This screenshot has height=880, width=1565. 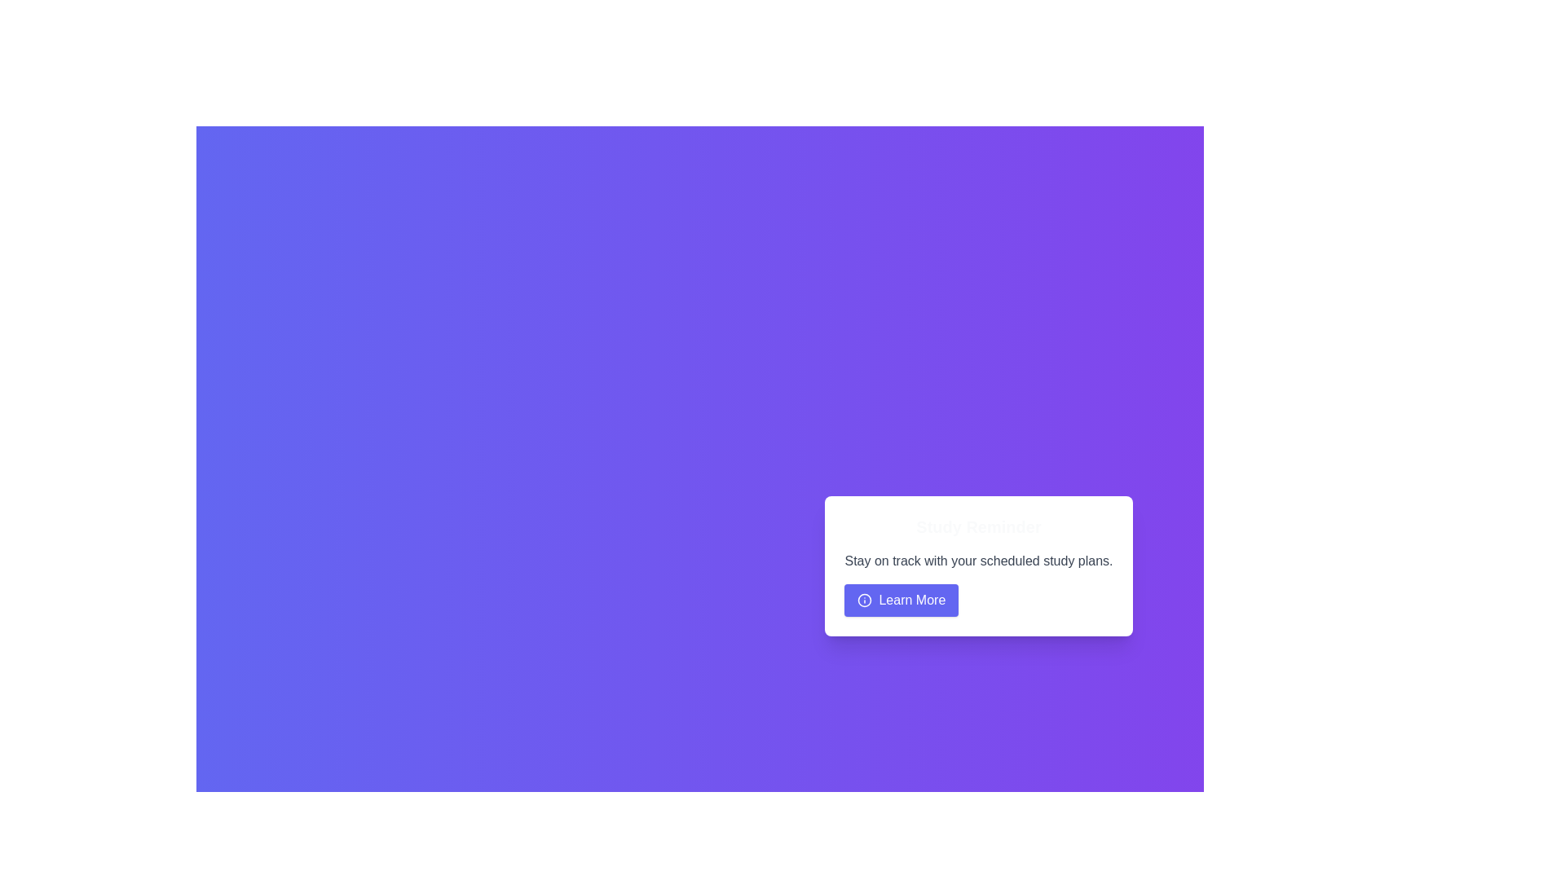 I want to click on the button that contains the informational icon located to the left of the text 'Learn More' in the lower right part of the card, so click(x=864, y=600).